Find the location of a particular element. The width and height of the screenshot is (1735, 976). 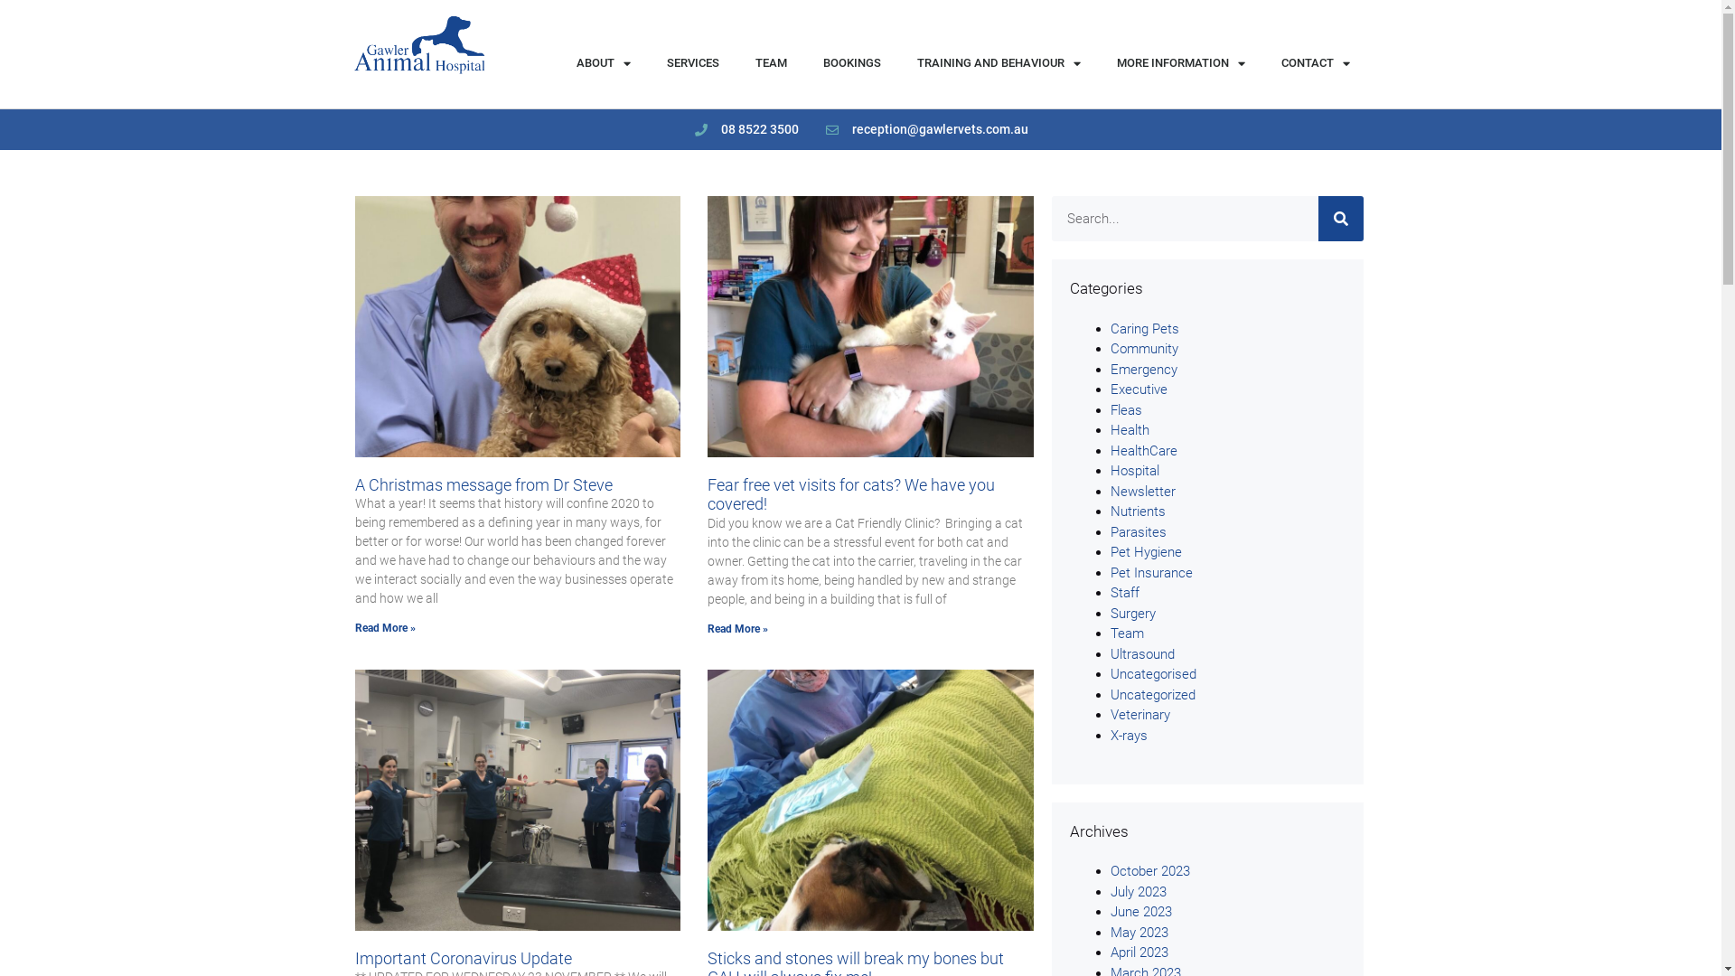

'ABOUT' is located at coordinates (603, 61).